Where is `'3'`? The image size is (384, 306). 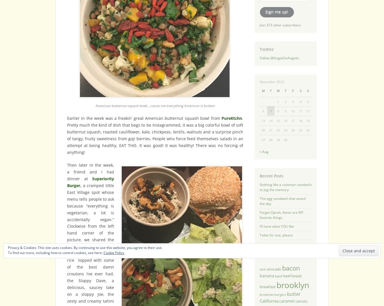 '3' is located at coordinates (293, 101).